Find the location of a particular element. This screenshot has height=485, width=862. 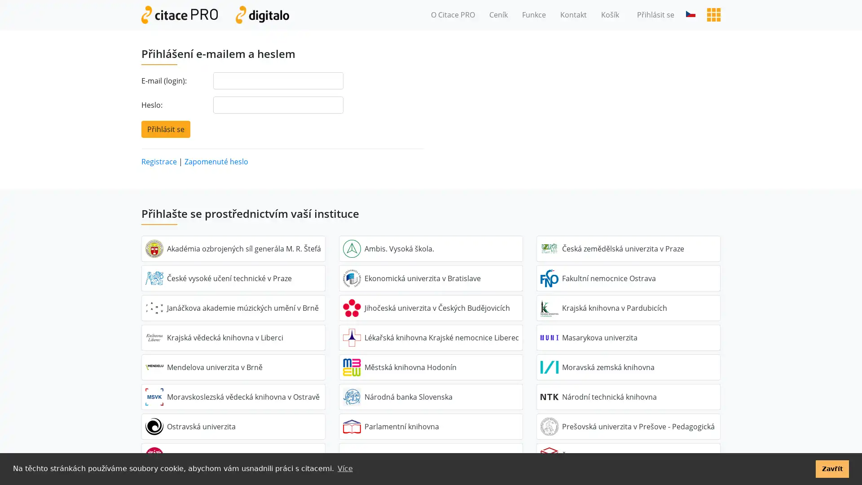

learn more about cookies is located at coordinates (344, 468).